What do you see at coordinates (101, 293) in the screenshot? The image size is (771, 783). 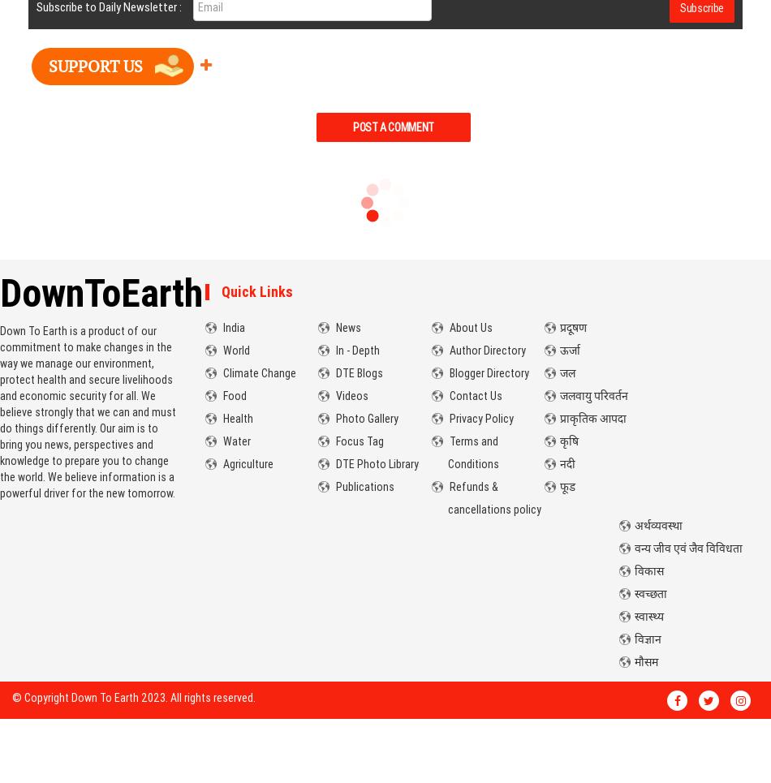 I see `'DownToEarth'` at bounding box center [101, 293].